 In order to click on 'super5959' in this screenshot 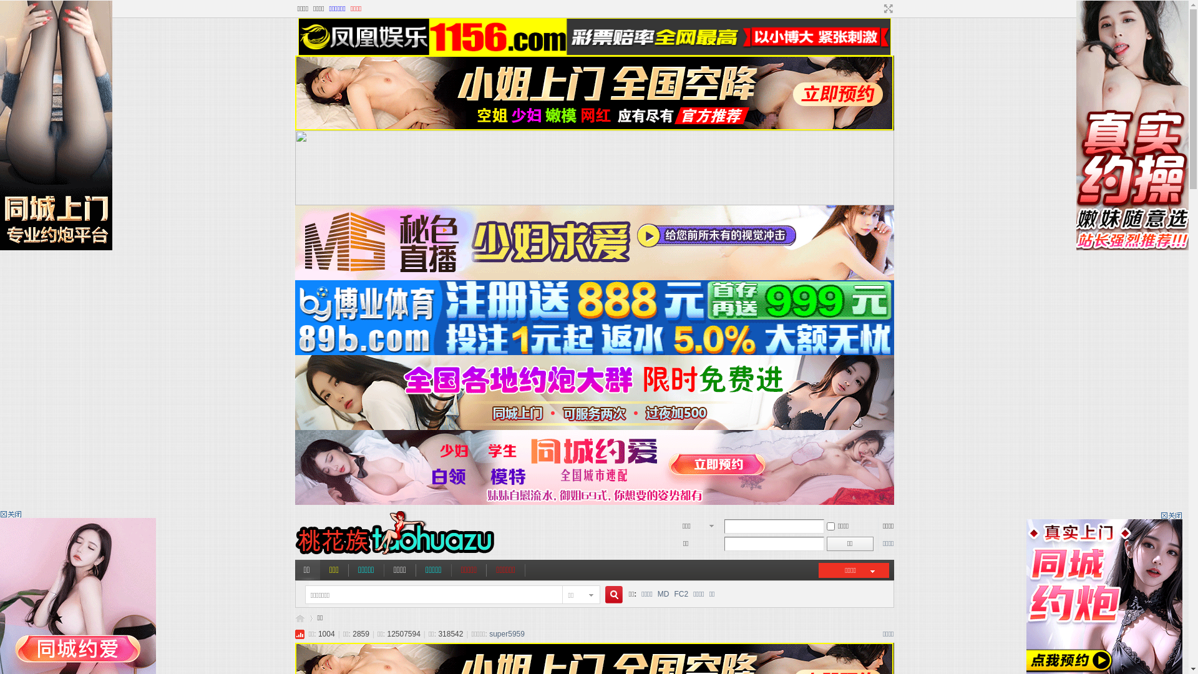, I will do `click(507, 633)`.